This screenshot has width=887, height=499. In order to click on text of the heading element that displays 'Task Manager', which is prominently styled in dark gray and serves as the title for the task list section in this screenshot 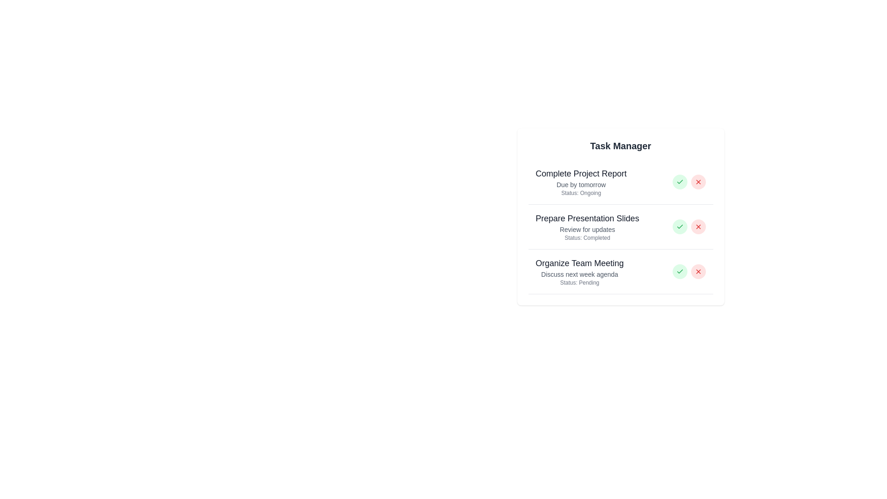, I will do `click(620, 146)`.